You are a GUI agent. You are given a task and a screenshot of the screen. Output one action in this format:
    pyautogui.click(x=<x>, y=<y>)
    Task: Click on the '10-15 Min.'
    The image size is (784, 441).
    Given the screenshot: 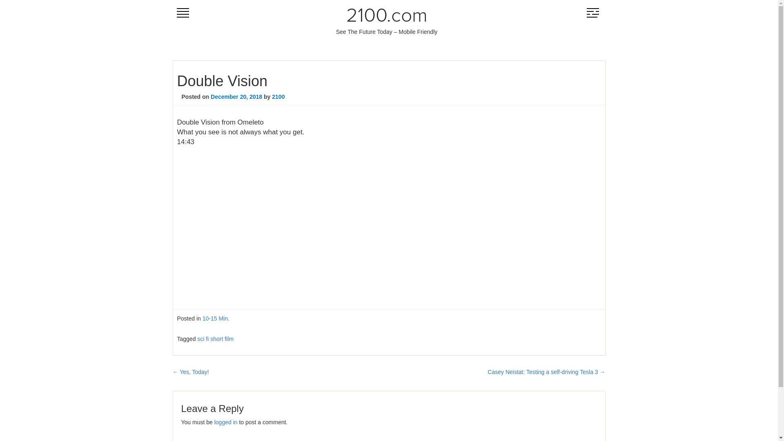 What is the action you would take?
    pyautogui.click(x=216, y=318)
    